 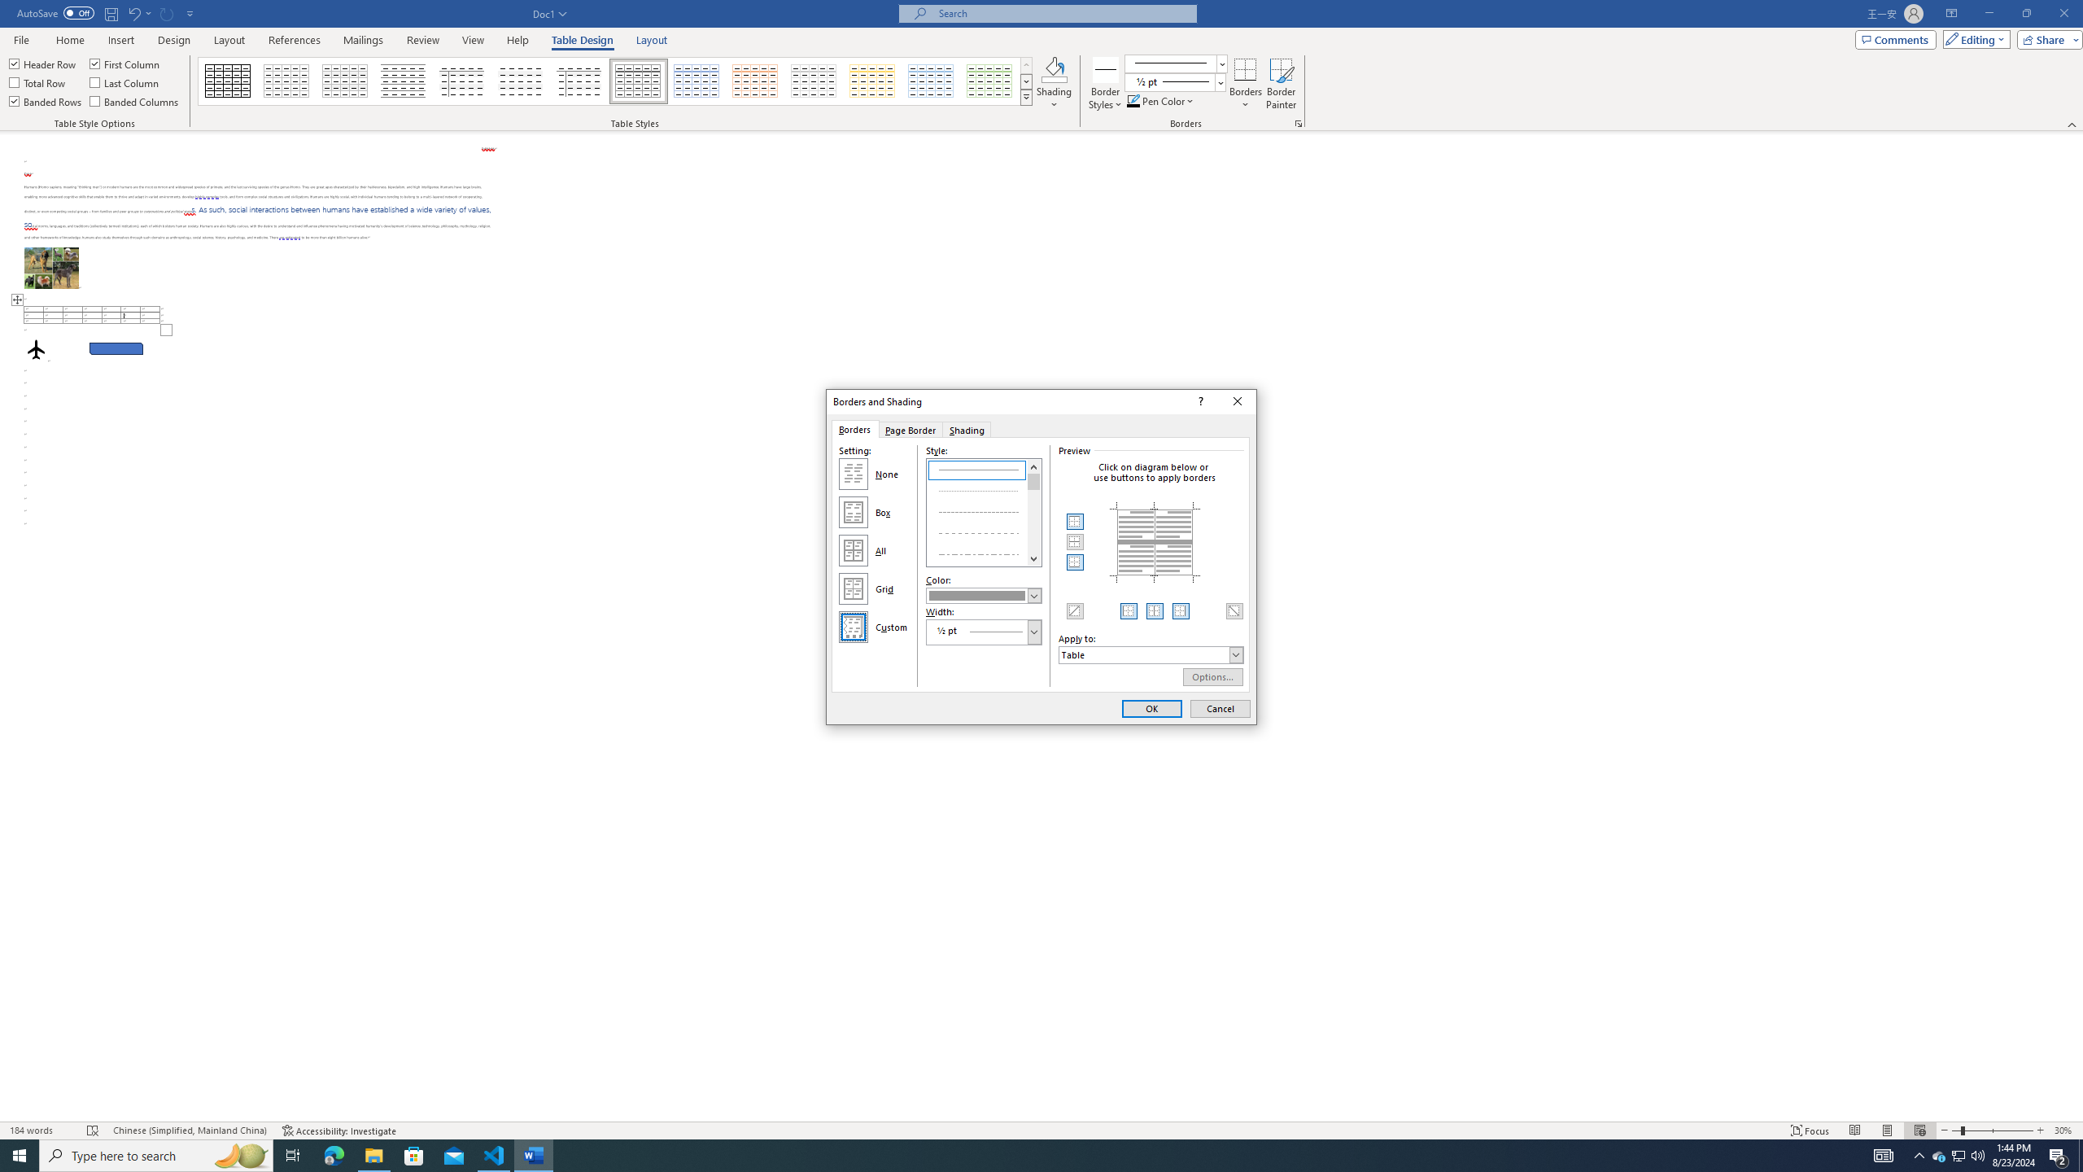 What do you see at coordinates (295, 40) in the screenshot?
I see `'References'` at bounding box center [295, 40].